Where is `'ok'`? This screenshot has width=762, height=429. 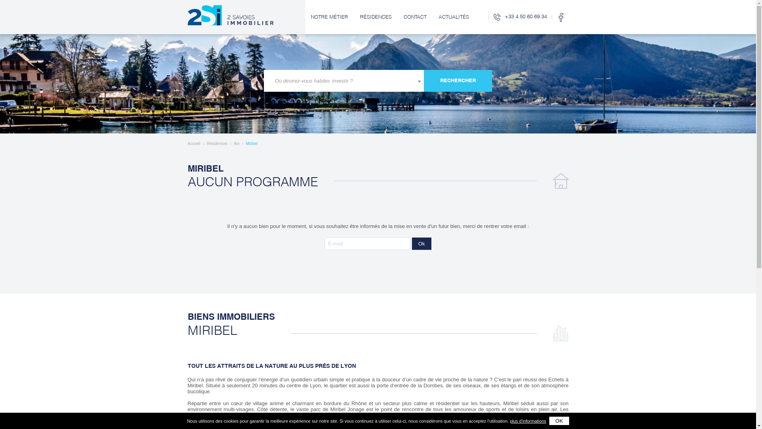 'ok' is located at coordinates (558, 420).